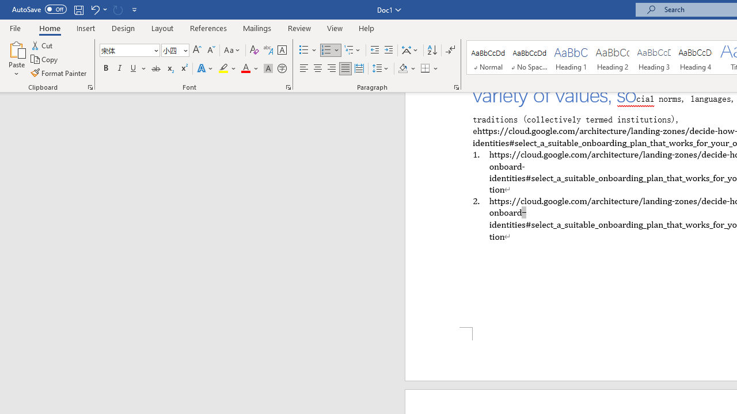 The image size is (737, 414). I want to click on 'Shading RGB(0, 0, 0)', so click(402, 68).